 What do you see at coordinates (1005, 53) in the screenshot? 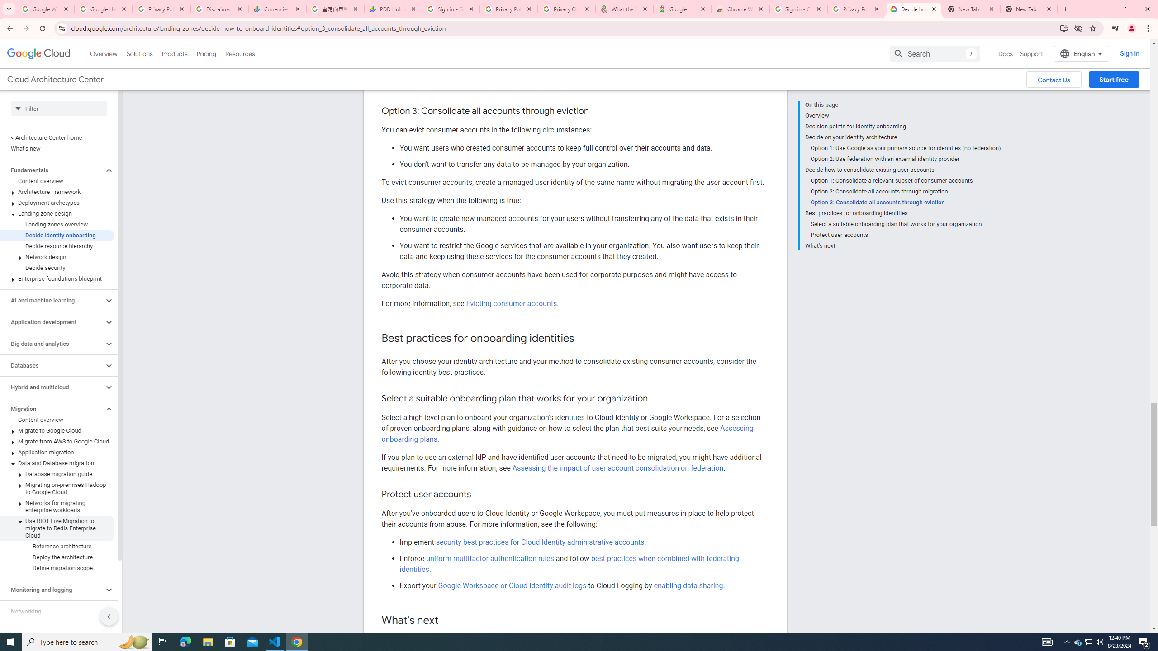
I see `'Docs, selected'` at bounding box center [1005, 53].